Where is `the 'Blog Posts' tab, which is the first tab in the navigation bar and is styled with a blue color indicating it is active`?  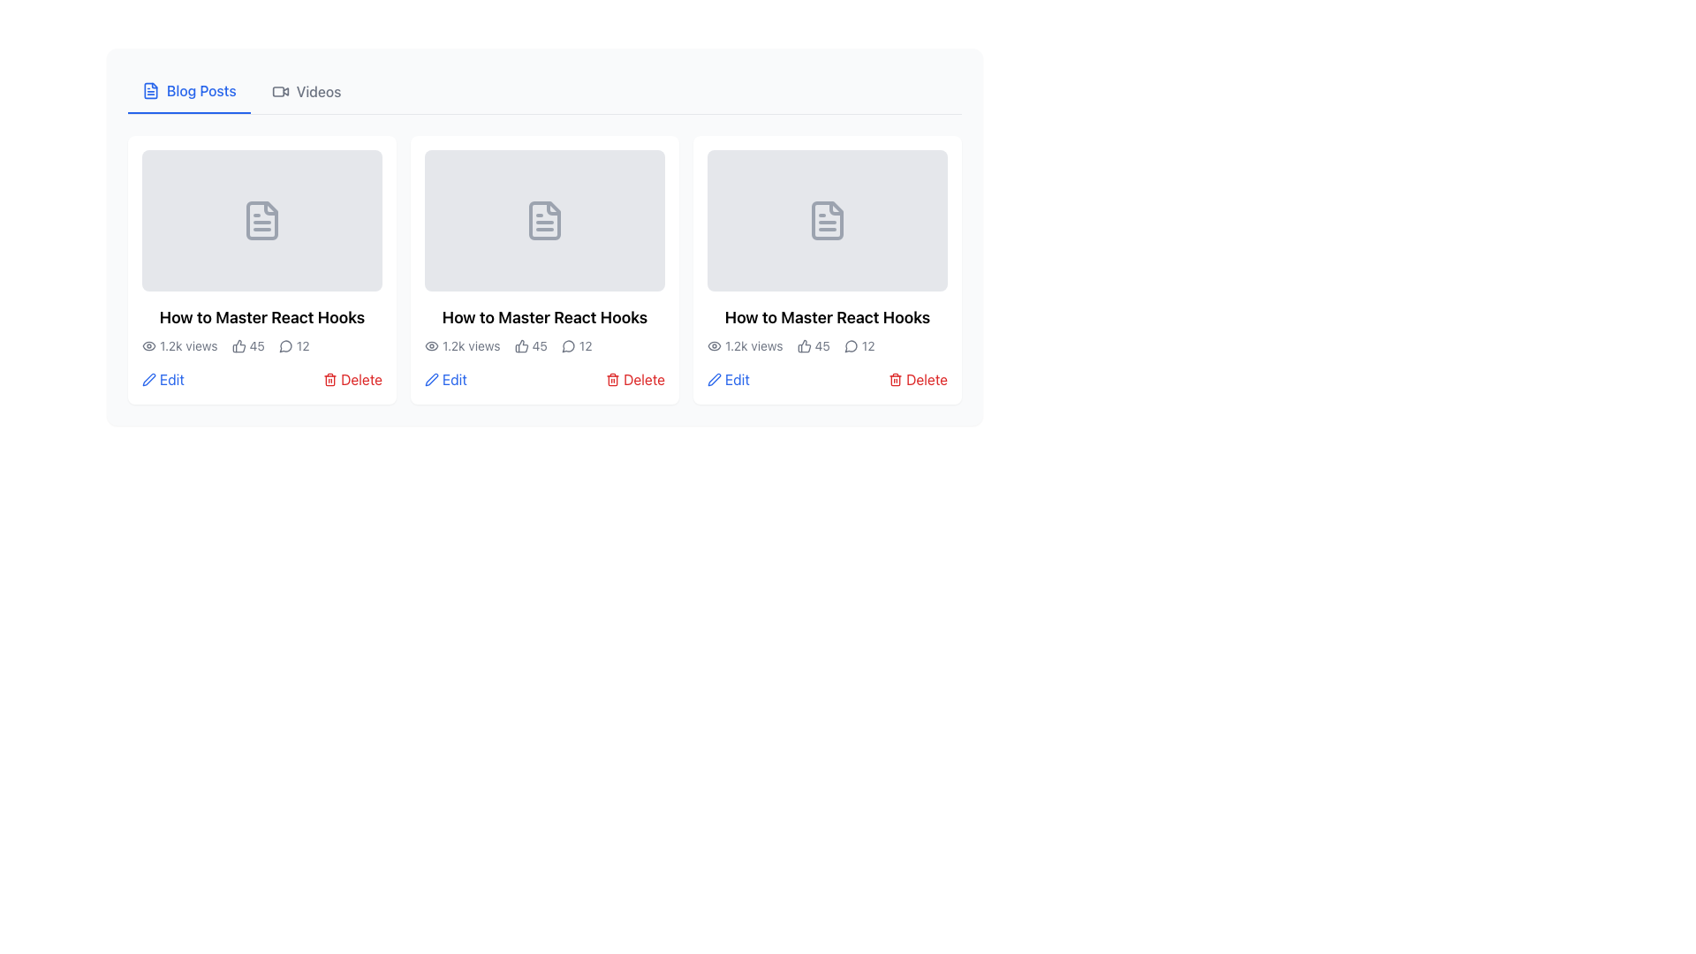
the 'Blog Posts' tab, which is the first tab in the navigation bar and is styled with a blue color indicating it is active is located at coordinates (189, 92).